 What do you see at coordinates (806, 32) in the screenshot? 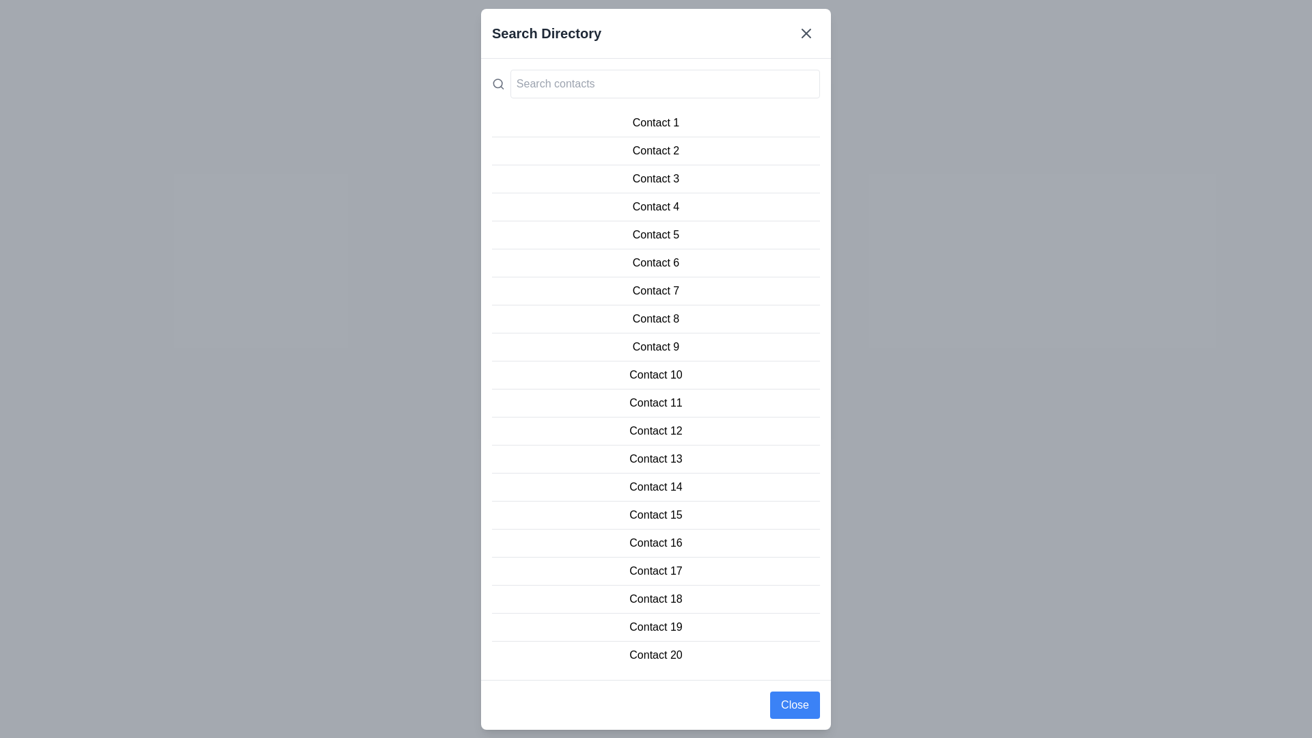
I see `close button in the top right corner of the dialog` at bounding box center [806, 32].